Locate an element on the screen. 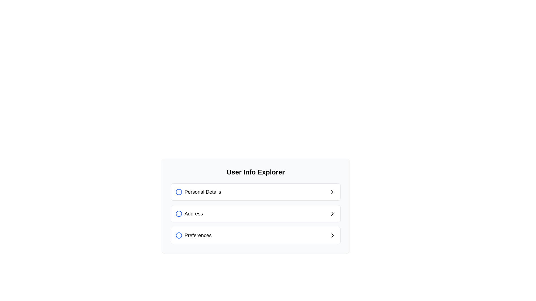 The width and height of the screenshot is (536, 301). the 'Address' row in the Clickable List Row element is located at coordinates (255, 206).